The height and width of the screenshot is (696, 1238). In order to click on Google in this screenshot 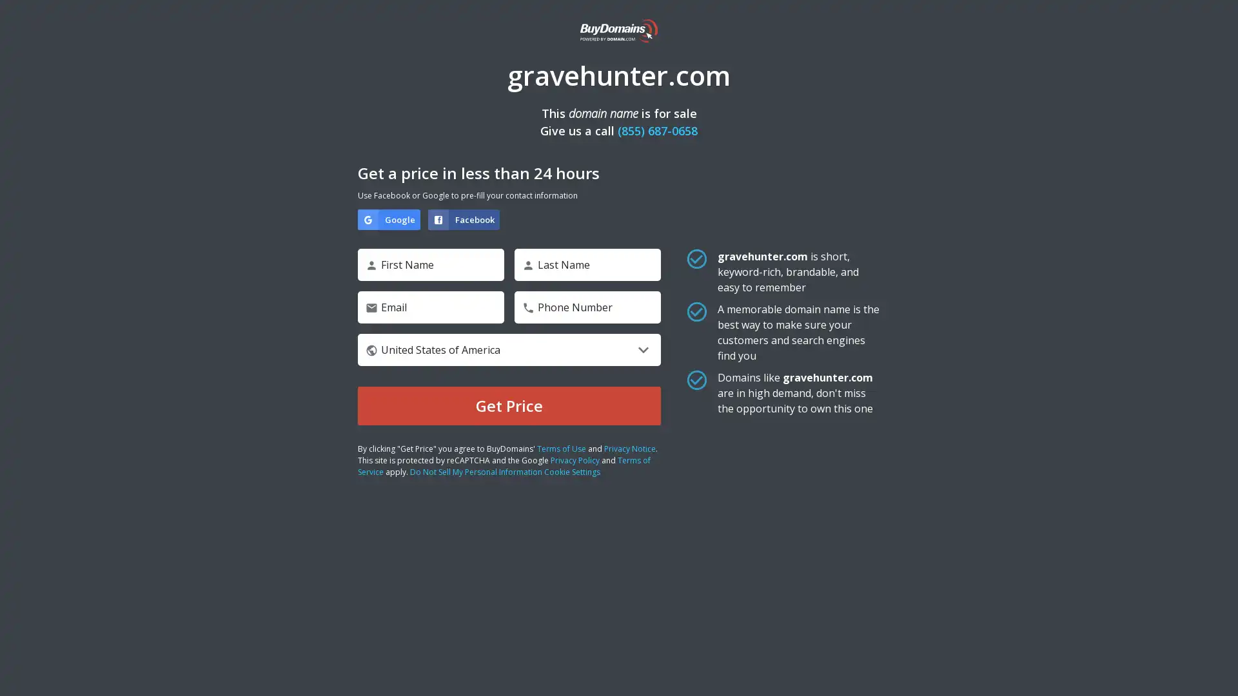, I will do `click(388, 218)`.